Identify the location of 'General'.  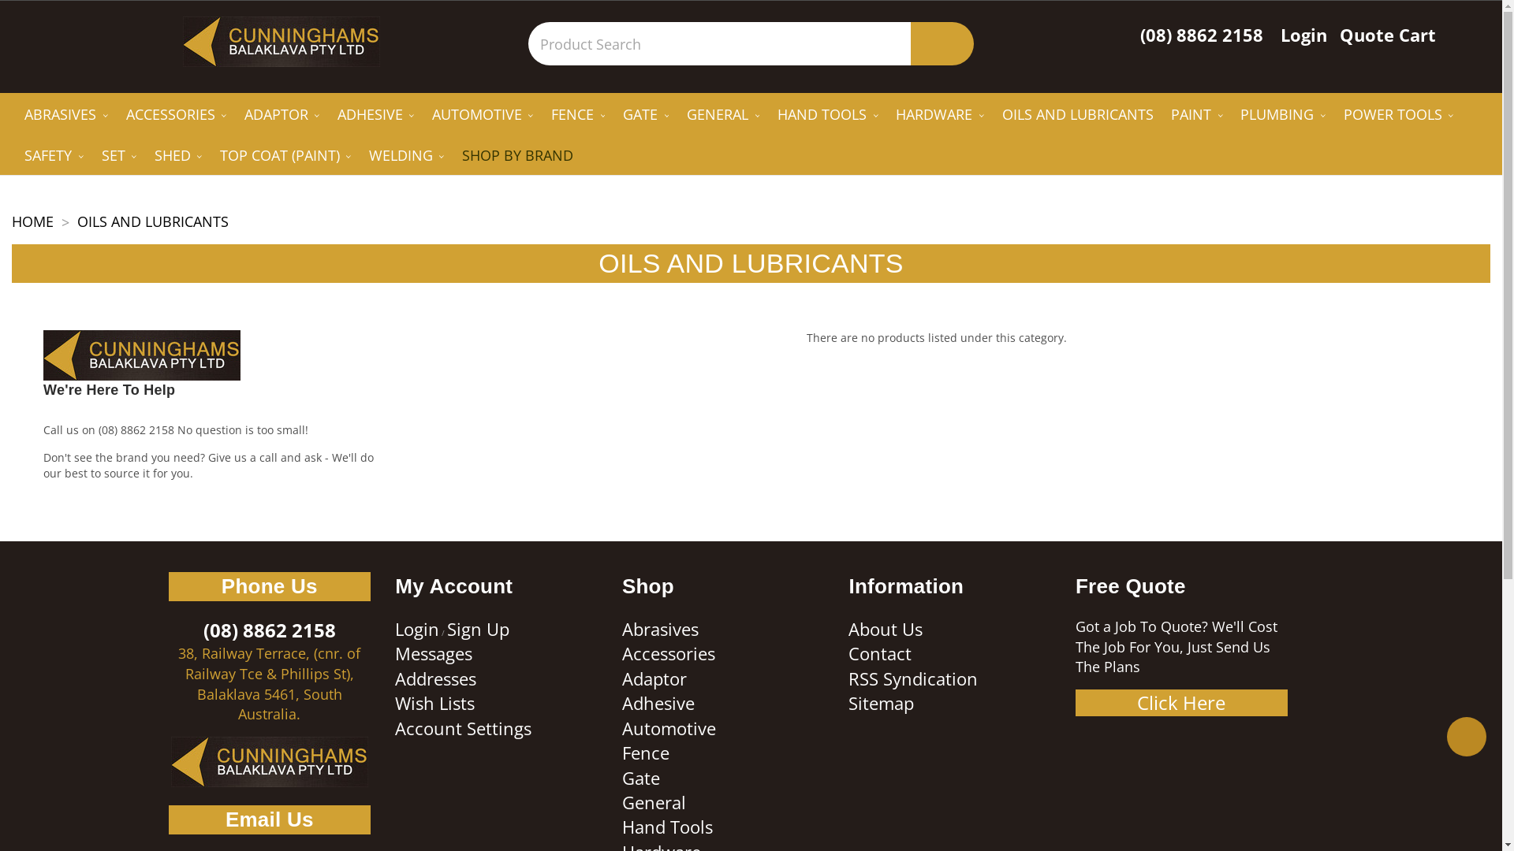
(621, 802).